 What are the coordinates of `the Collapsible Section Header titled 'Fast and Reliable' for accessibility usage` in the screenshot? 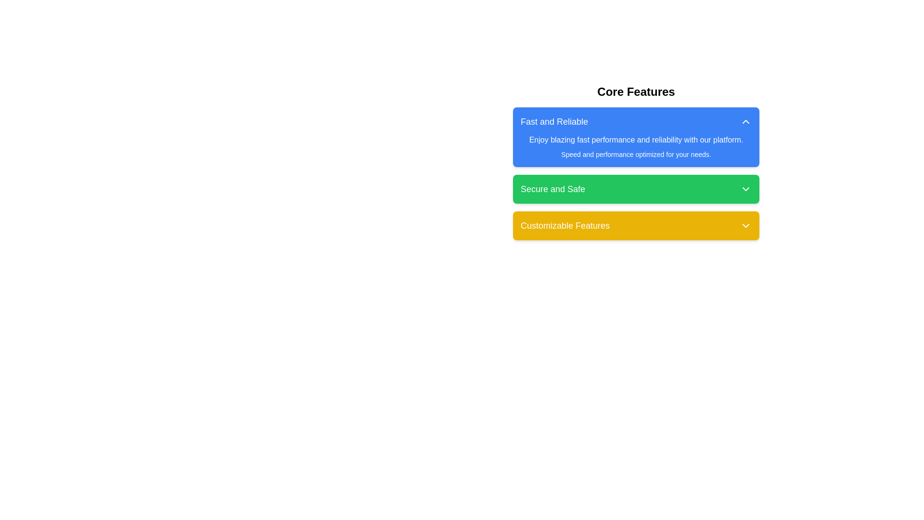 It's located at (636, 137).